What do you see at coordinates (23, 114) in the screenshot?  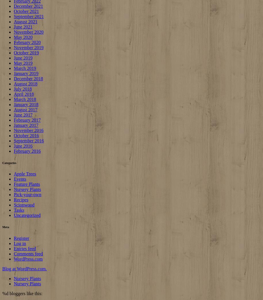 I see `'June 2017'` at bounding box center [23, 114].